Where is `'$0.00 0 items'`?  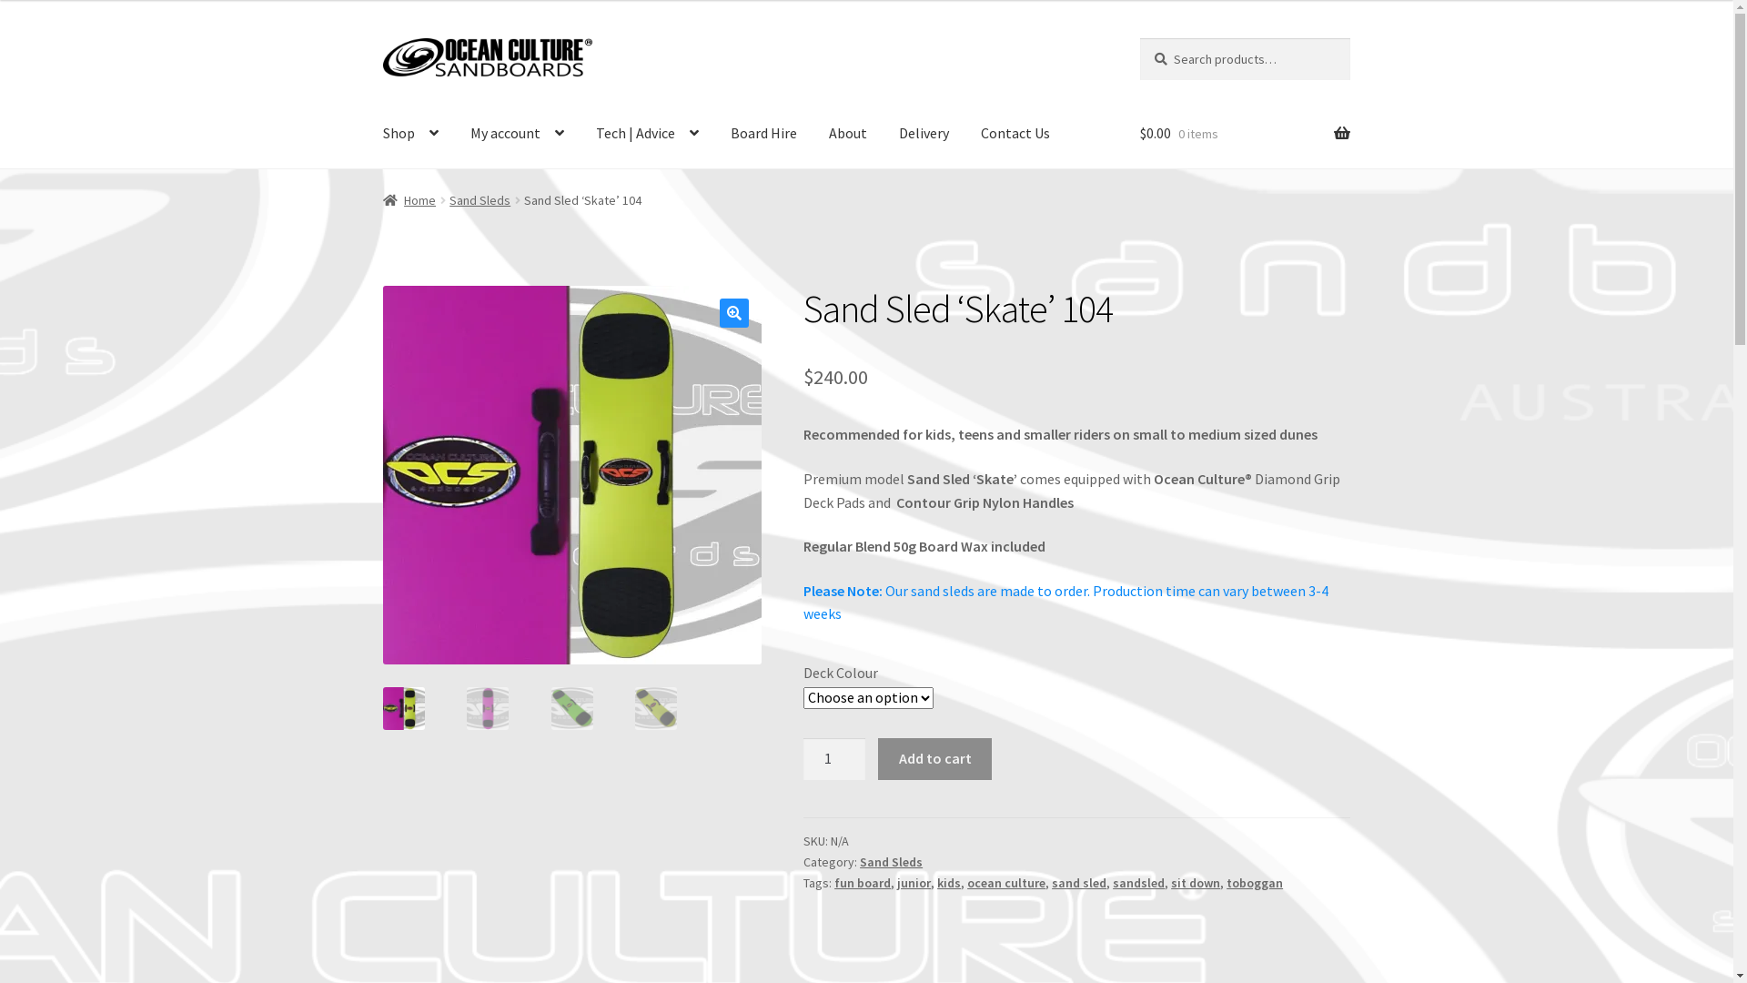 '$0.00 0 items' is located at coordinates (1244, 132).